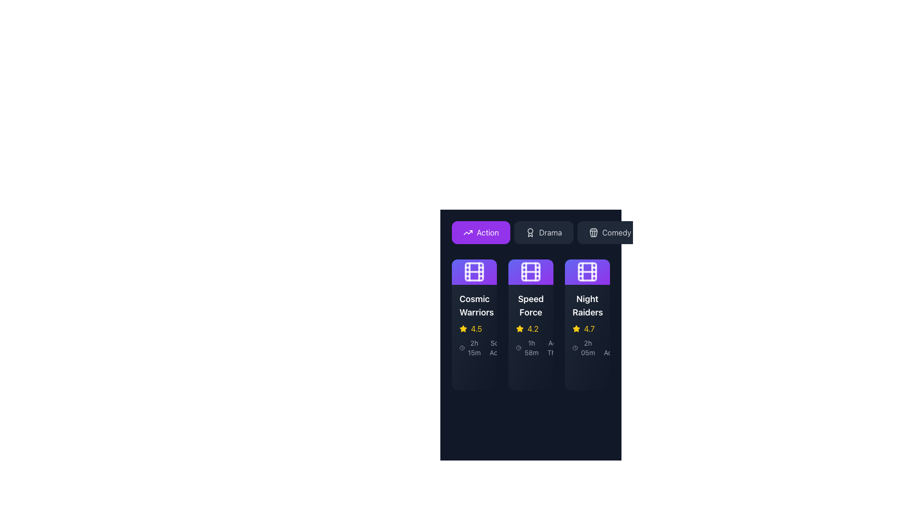 The width and height of the screenshot is (920, 517). Describe the element at coordinates (463, 328) in the screenshot. I see `the star icon representing the rating for the movie 'Night Raiders', located in the third column above the rating text '4.7'` at that location.